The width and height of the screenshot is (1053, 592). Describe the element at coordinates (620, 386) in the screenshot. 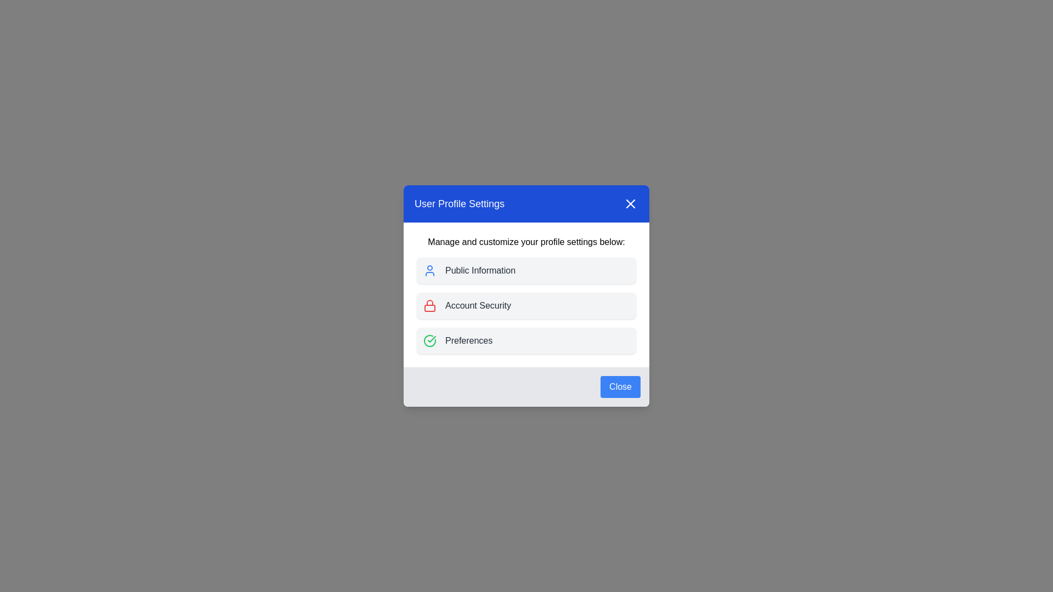

I see `the close button in the footer to dismiss the dialog` at that location.